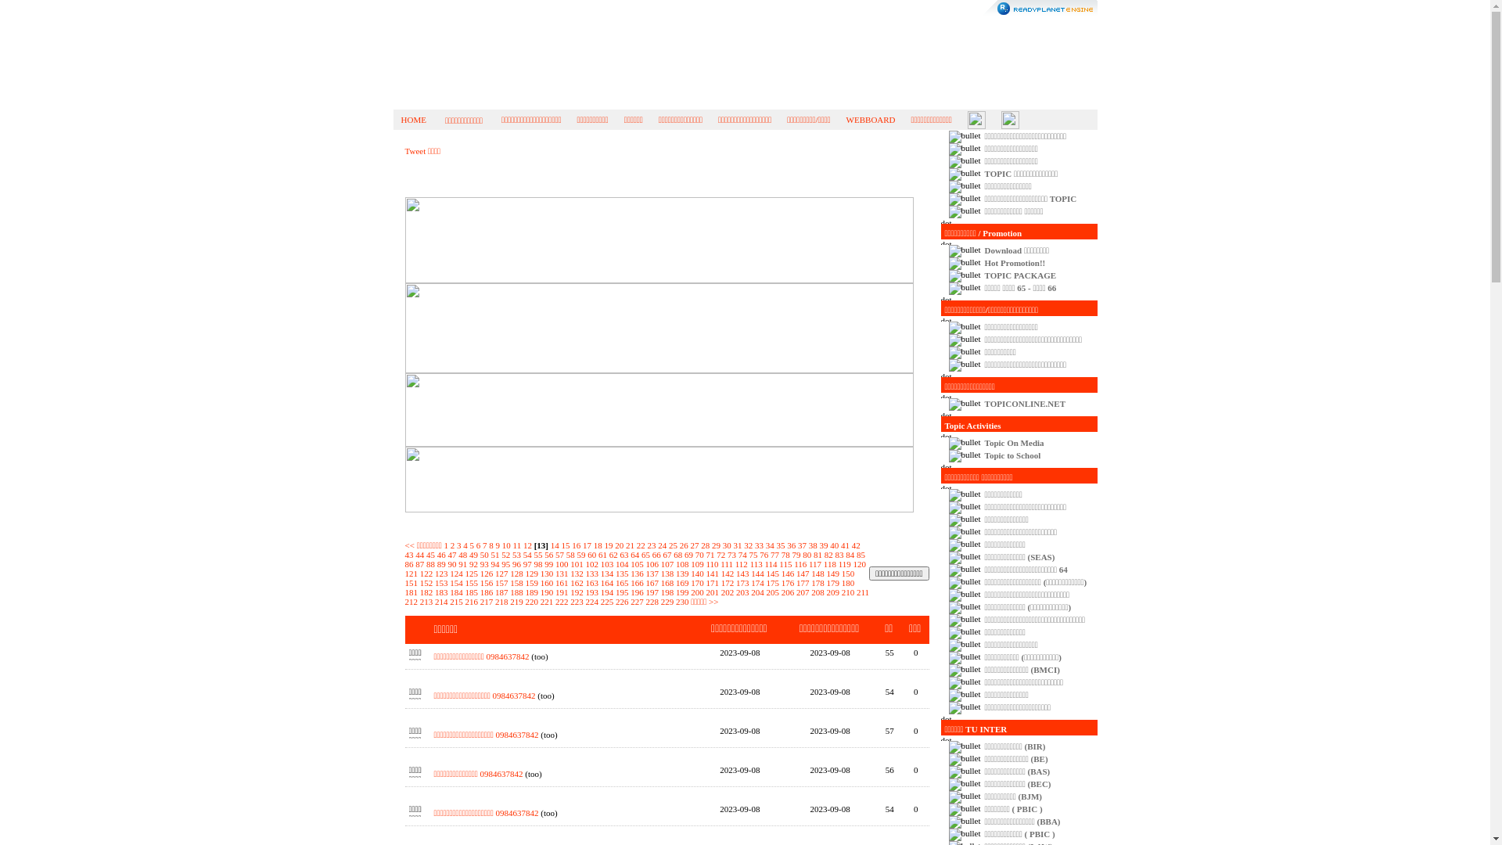  What do you see at coordinates (548, 564) in the screenshot?
I see `'99'` at bounding box center [548, 564].